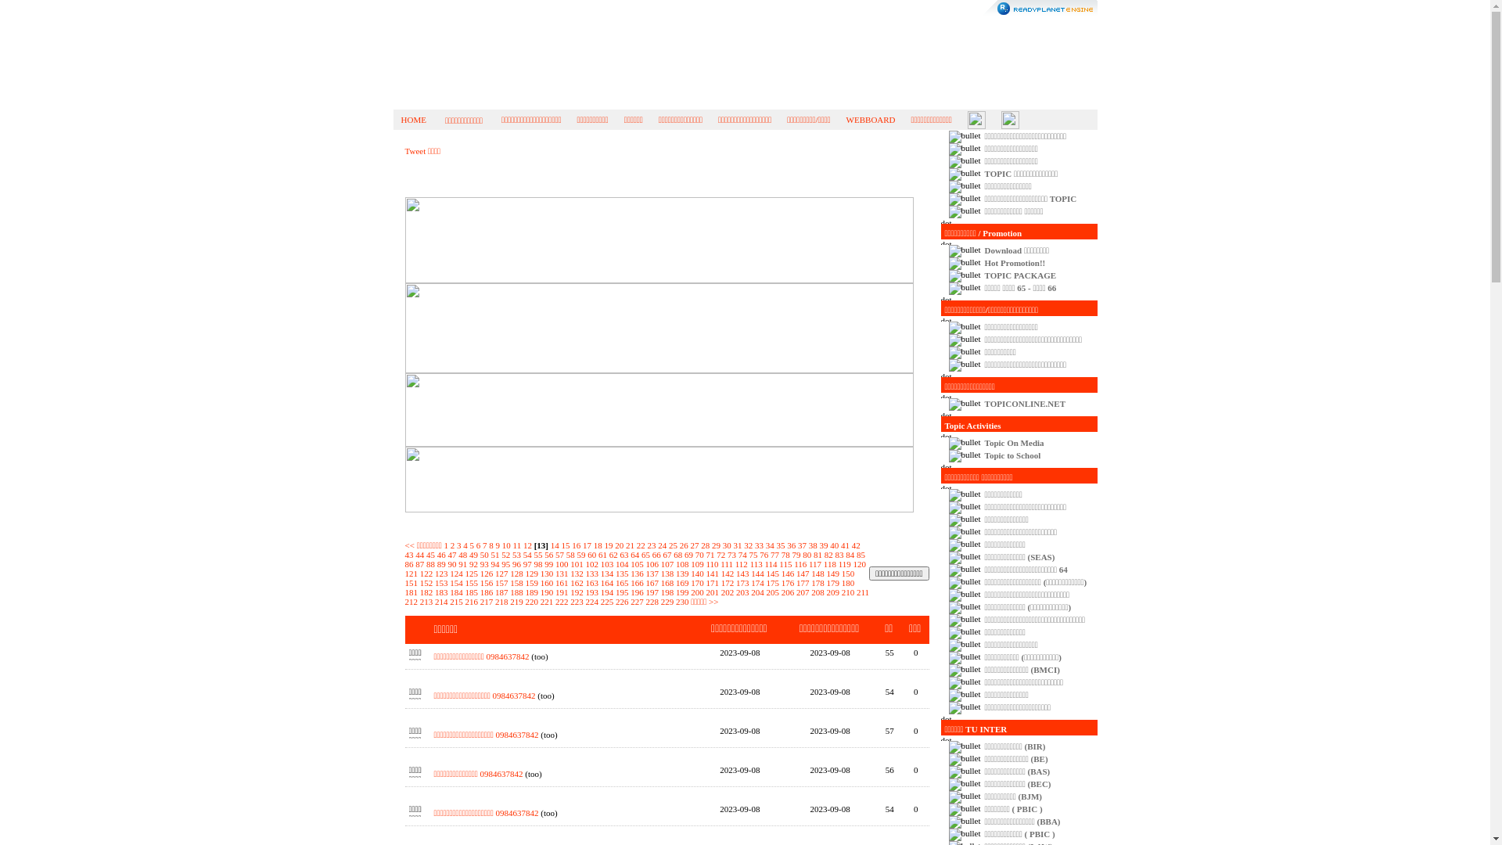  What do you see at coordinates (548, 564) in the screenshot?
I see `'99'` at bounding box center [548, 564].